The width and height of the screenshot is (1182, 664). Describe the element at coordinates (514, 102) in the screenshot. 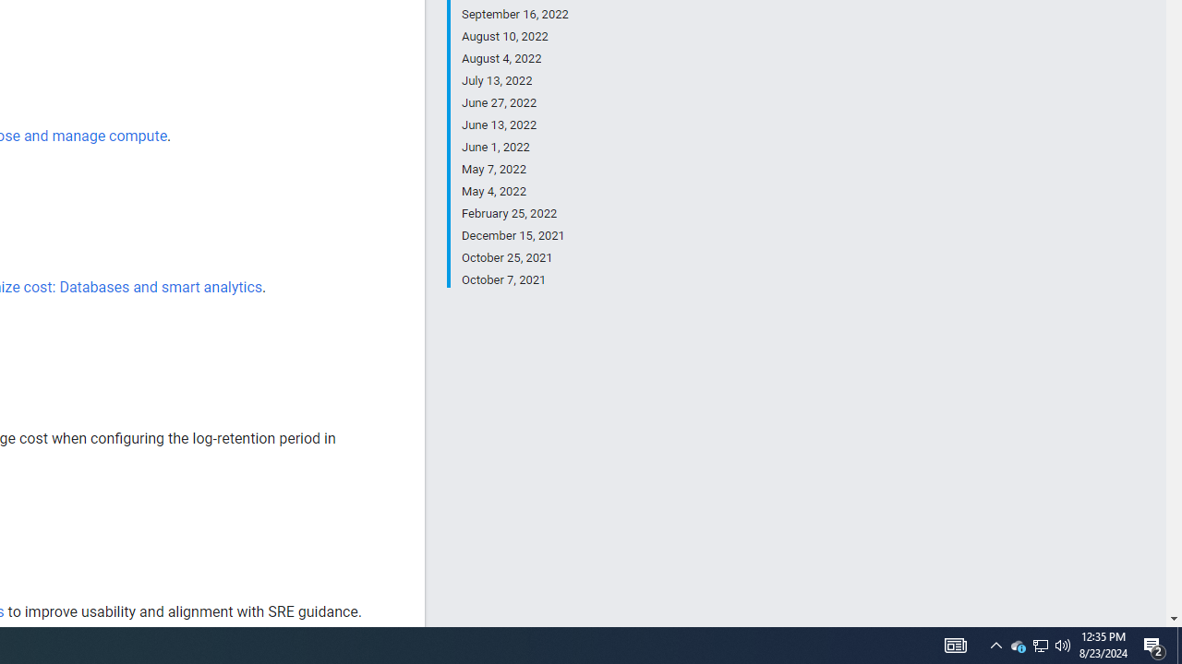

I see `'June 27, 2022'` at that location.